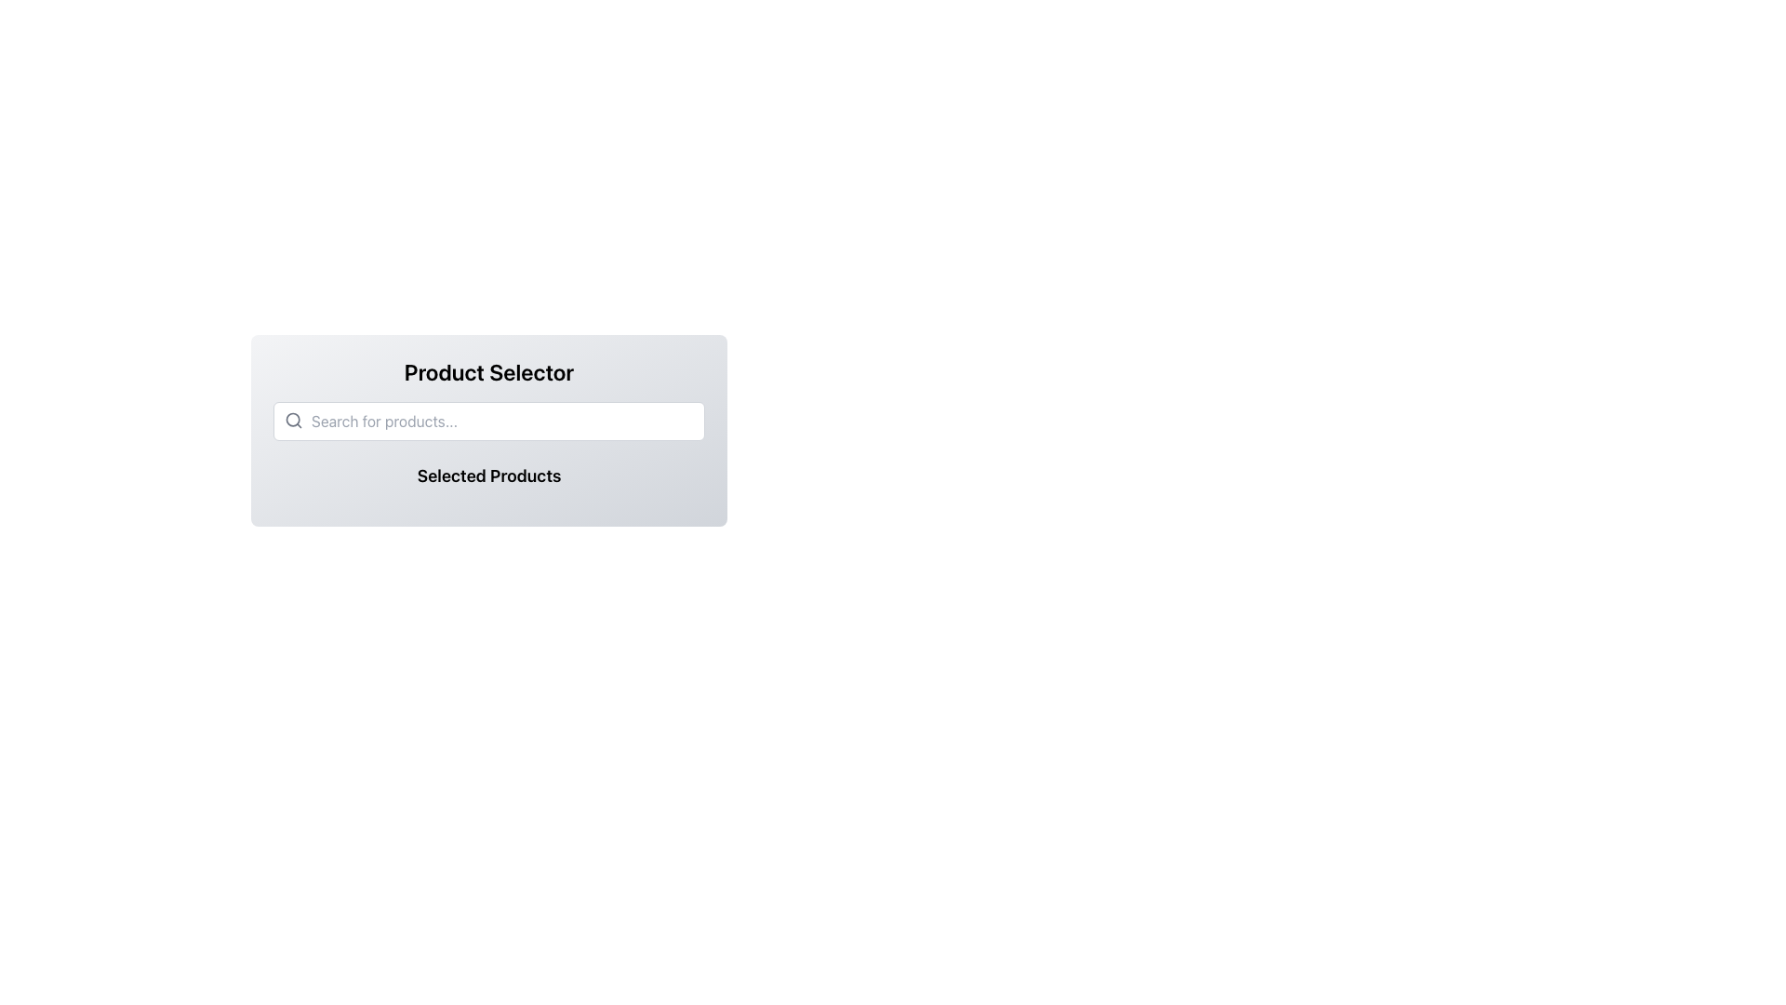 The height and width of the screenshot is (1005, 1786). Describe the element at coordinates (293, 420) in the screenshot. I see `the Decorative Icon resembling a magnifying glass, which is outlined in gray and positioned to the left of the 'Search for products...' placeholder text in the text input field` at that location.